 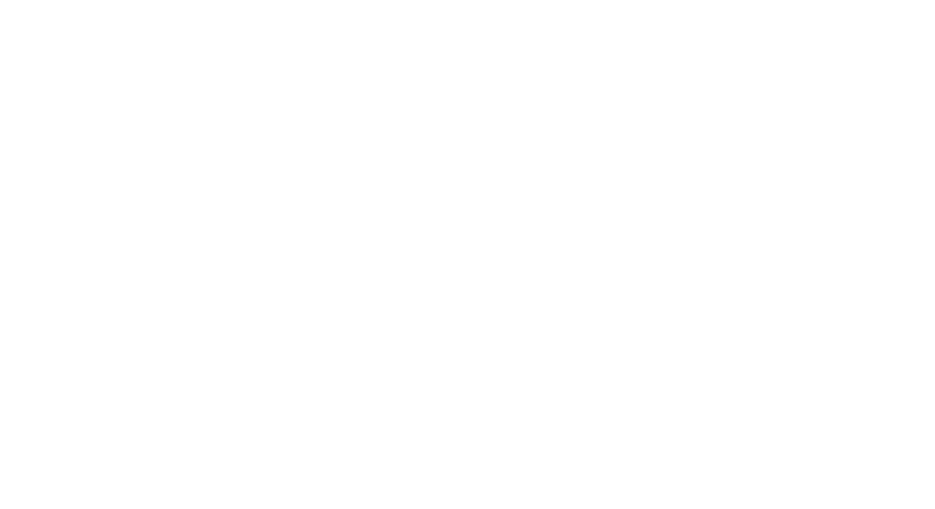 What do you see at coordinates (590, 376) in the screenshot?
I see `'Get In Touch'` at bounding box center [590, 376].